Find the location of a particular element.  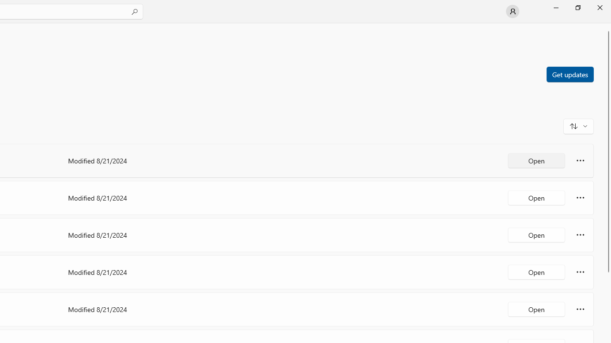

'Minimize Microsoft Store' is located at coordinates (556, 7).